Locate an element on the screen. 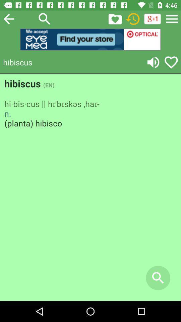  switch the likeoption is located at coordinates (115, 18).